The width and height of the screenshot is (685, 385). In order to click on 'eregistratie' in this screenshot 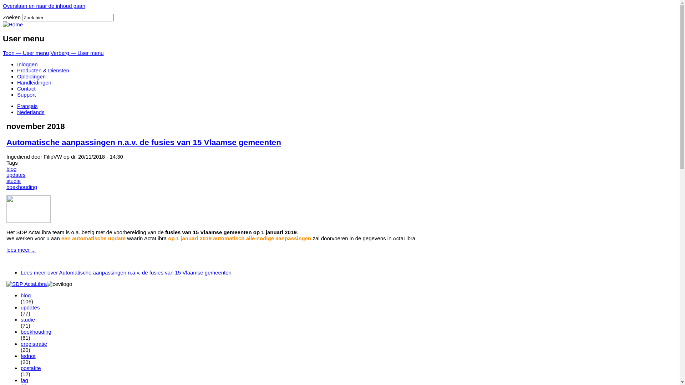, I will do `click(34, 343)`.